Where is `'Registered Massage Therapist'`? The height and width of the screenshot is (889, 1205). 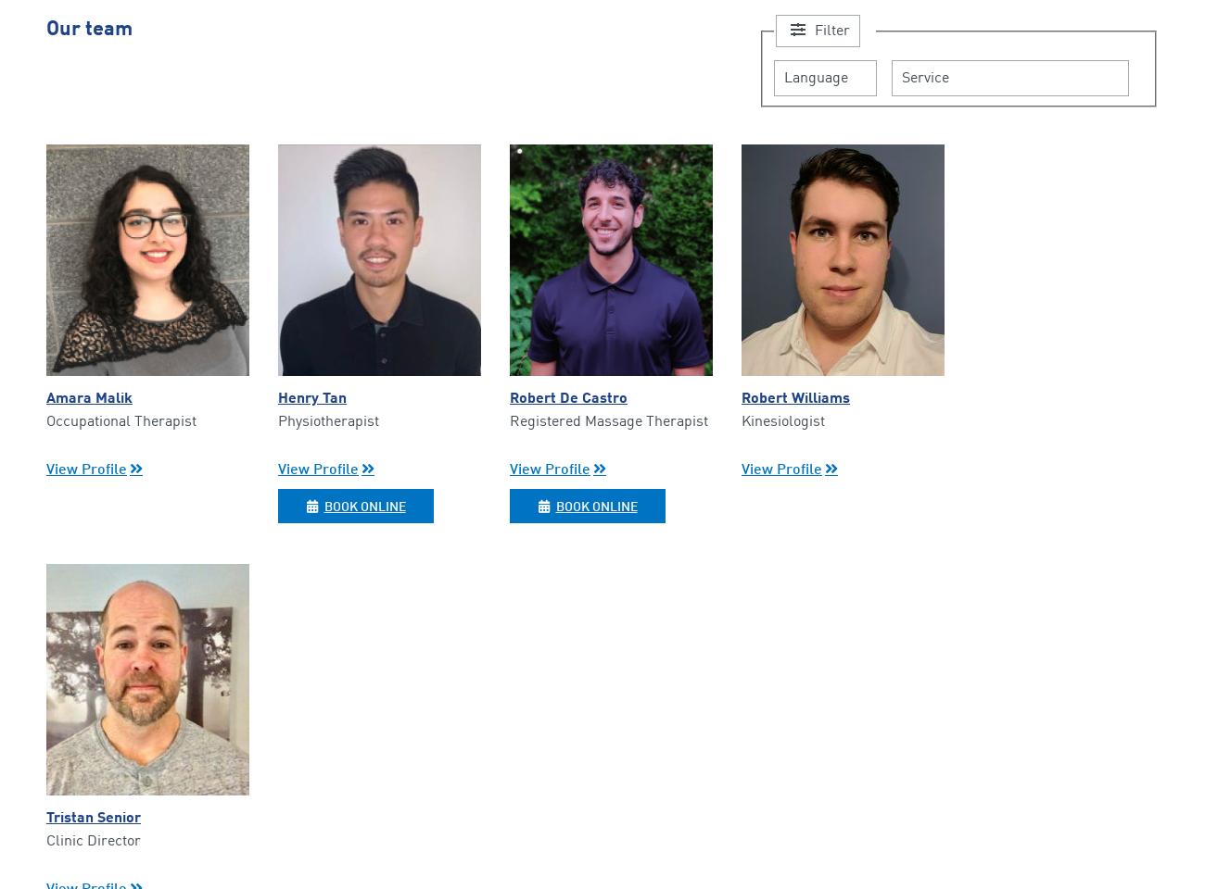
'Registered Massage Therapist' is located at coordinates (608, 421).